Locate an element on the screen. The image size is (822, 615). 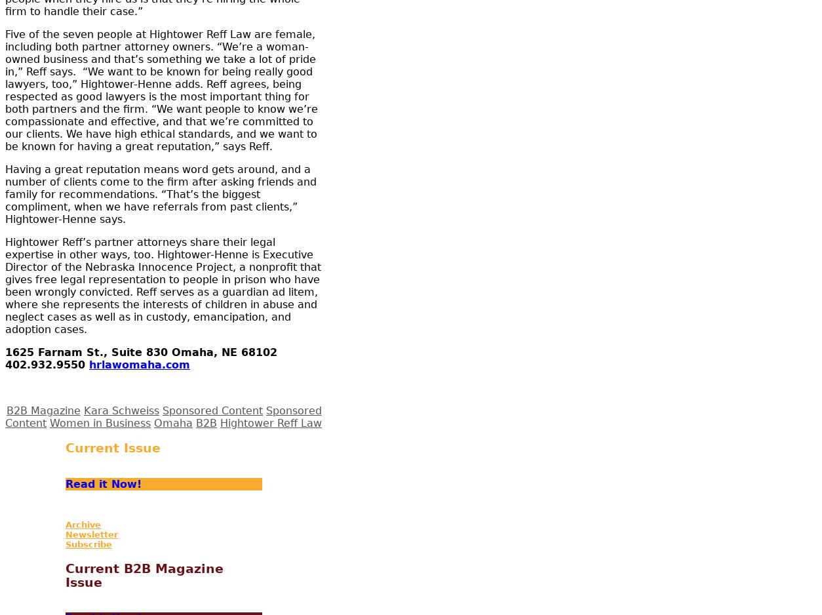
'Kara Schweiss' is located at coordinates (121, 410).